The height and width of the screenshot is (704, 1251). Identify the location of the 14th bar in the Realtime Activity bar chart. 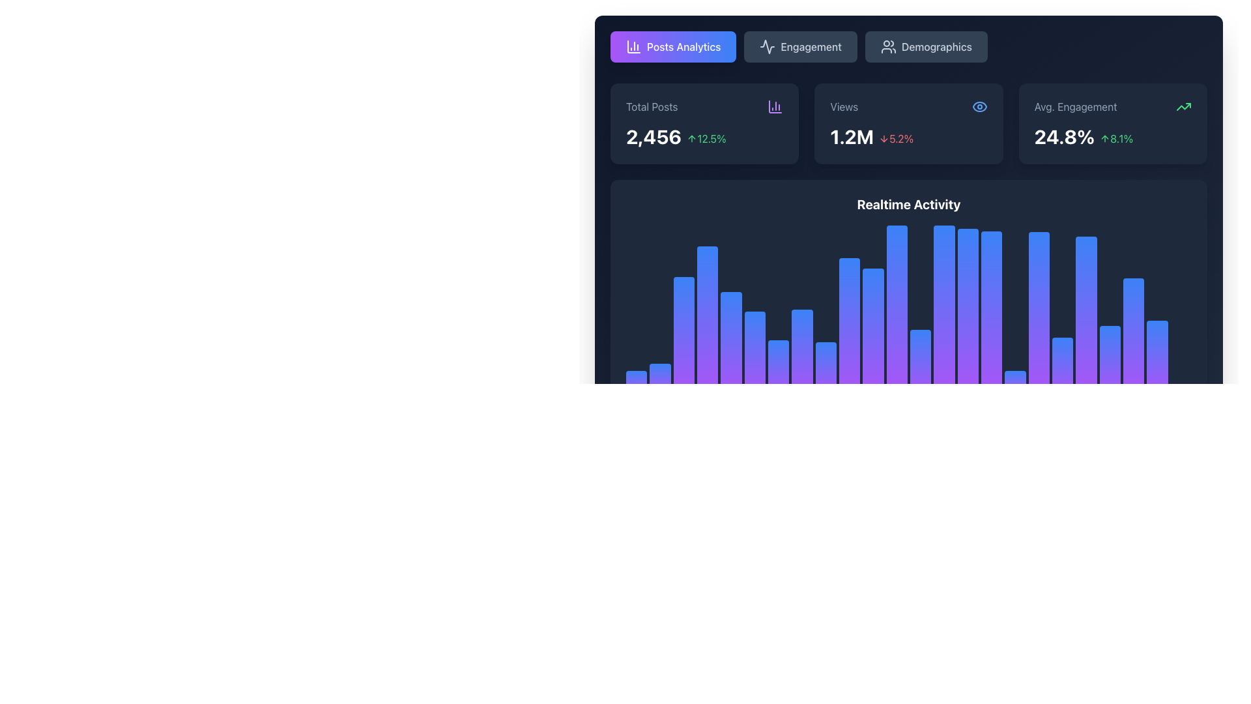
(944, 340).